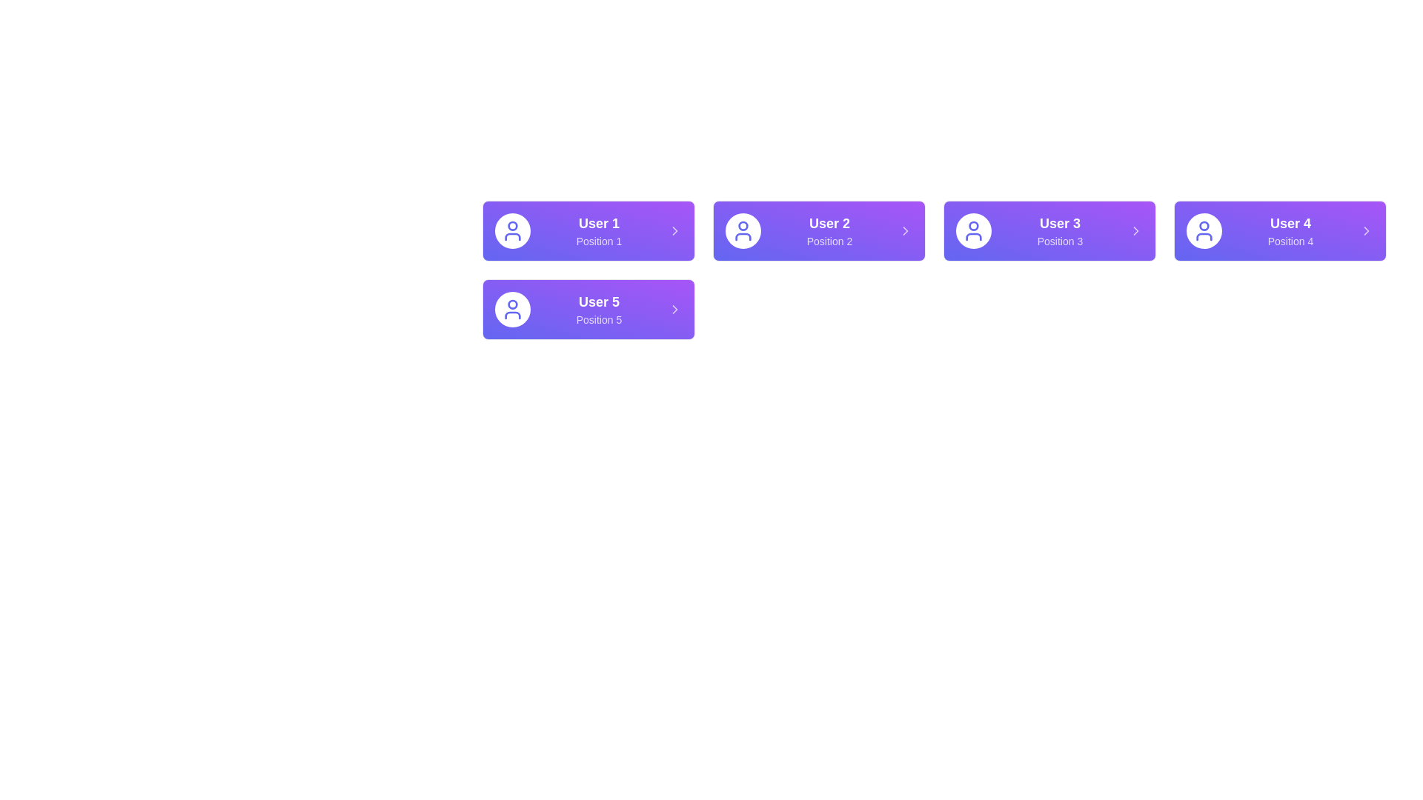  Describe the element at coordinates (512, 231) in the screenshot. I see `the user avatar icon representing 'User 1', located at the top-left corner of the grid layout` at that location.